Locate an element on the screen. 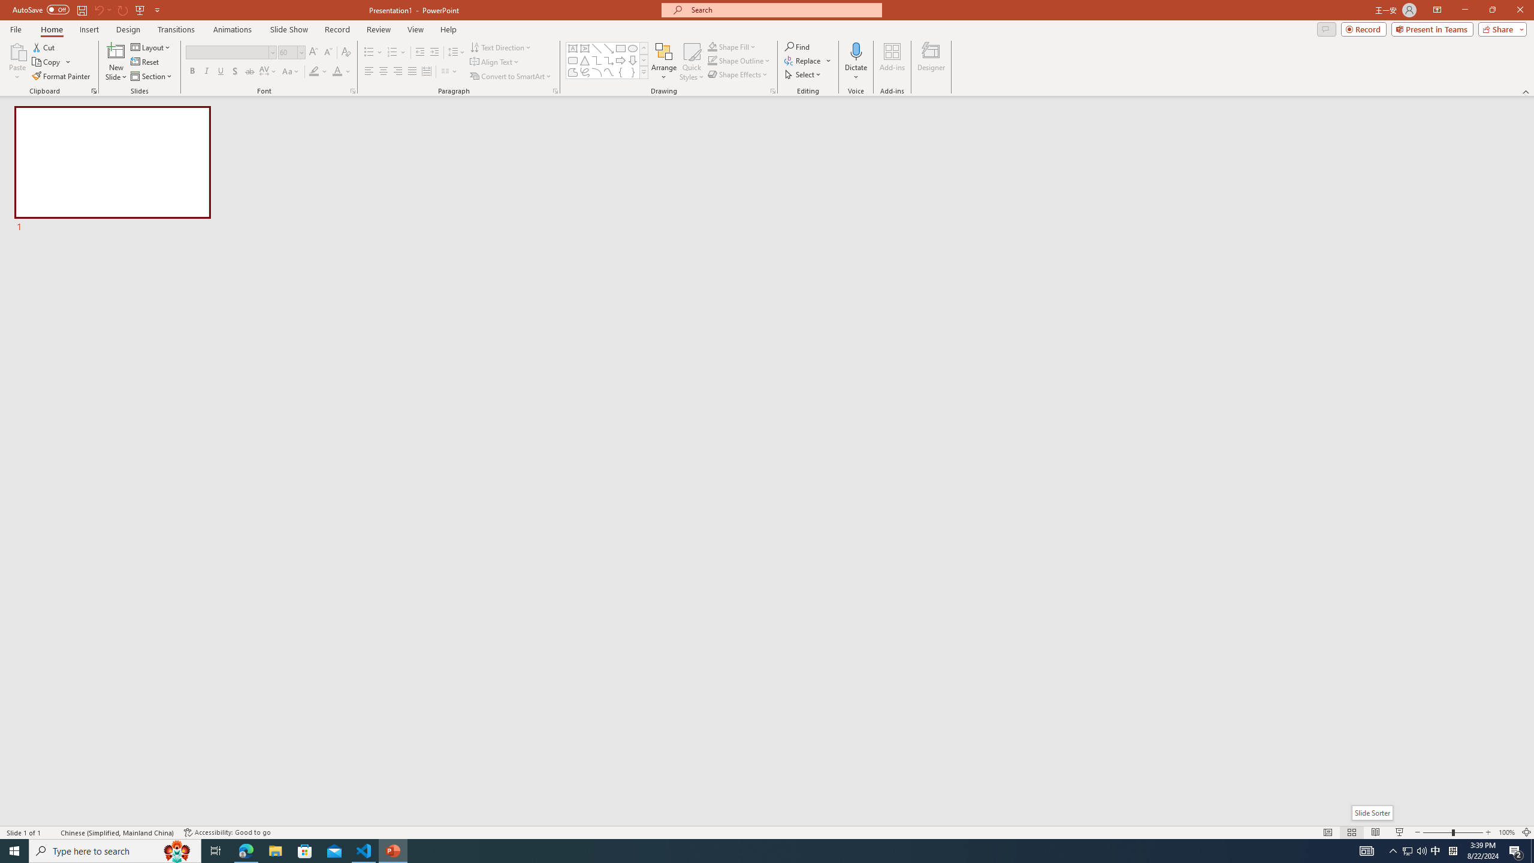 The width and height of the screenshot is (1534, 863). 'Minimize' is located at coordinates (1464, 10).